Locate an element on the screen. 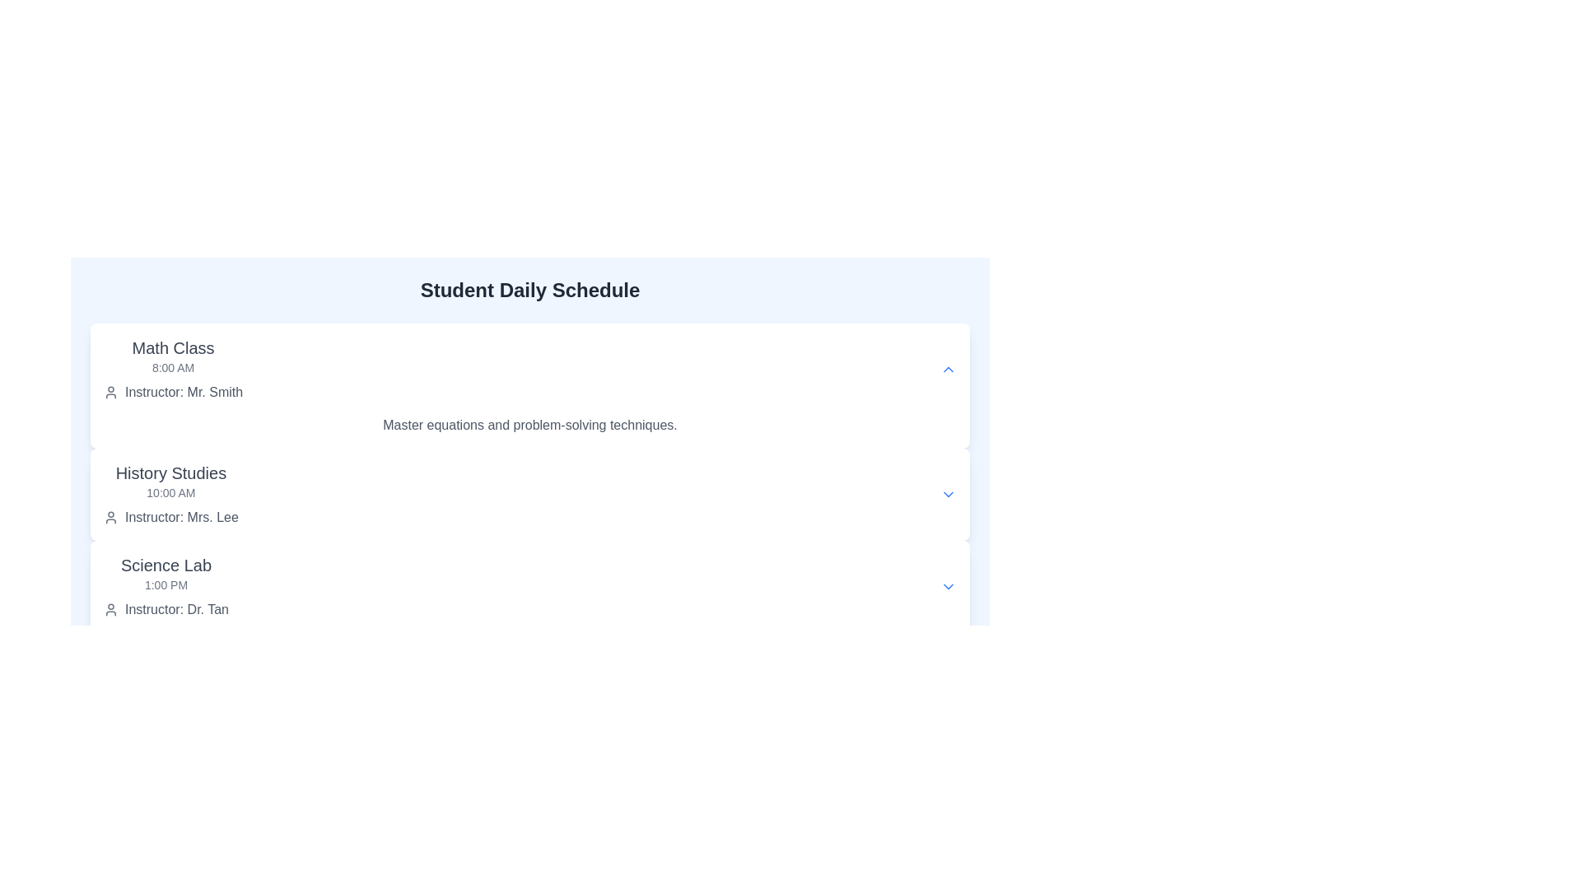 This screenshot has height=889, width=1581. the third text display component in the 'Student Daily Schedule' section is located at coordinates (166, 586).